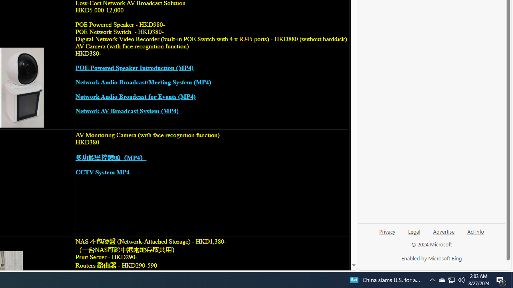 The width and height of the screenshot is (513, 288). What do you see at coordinates (126, 111) in the screenshot?
I see `'Network AV Broadcast System (MP4)'` at bounding box center [126, 111].